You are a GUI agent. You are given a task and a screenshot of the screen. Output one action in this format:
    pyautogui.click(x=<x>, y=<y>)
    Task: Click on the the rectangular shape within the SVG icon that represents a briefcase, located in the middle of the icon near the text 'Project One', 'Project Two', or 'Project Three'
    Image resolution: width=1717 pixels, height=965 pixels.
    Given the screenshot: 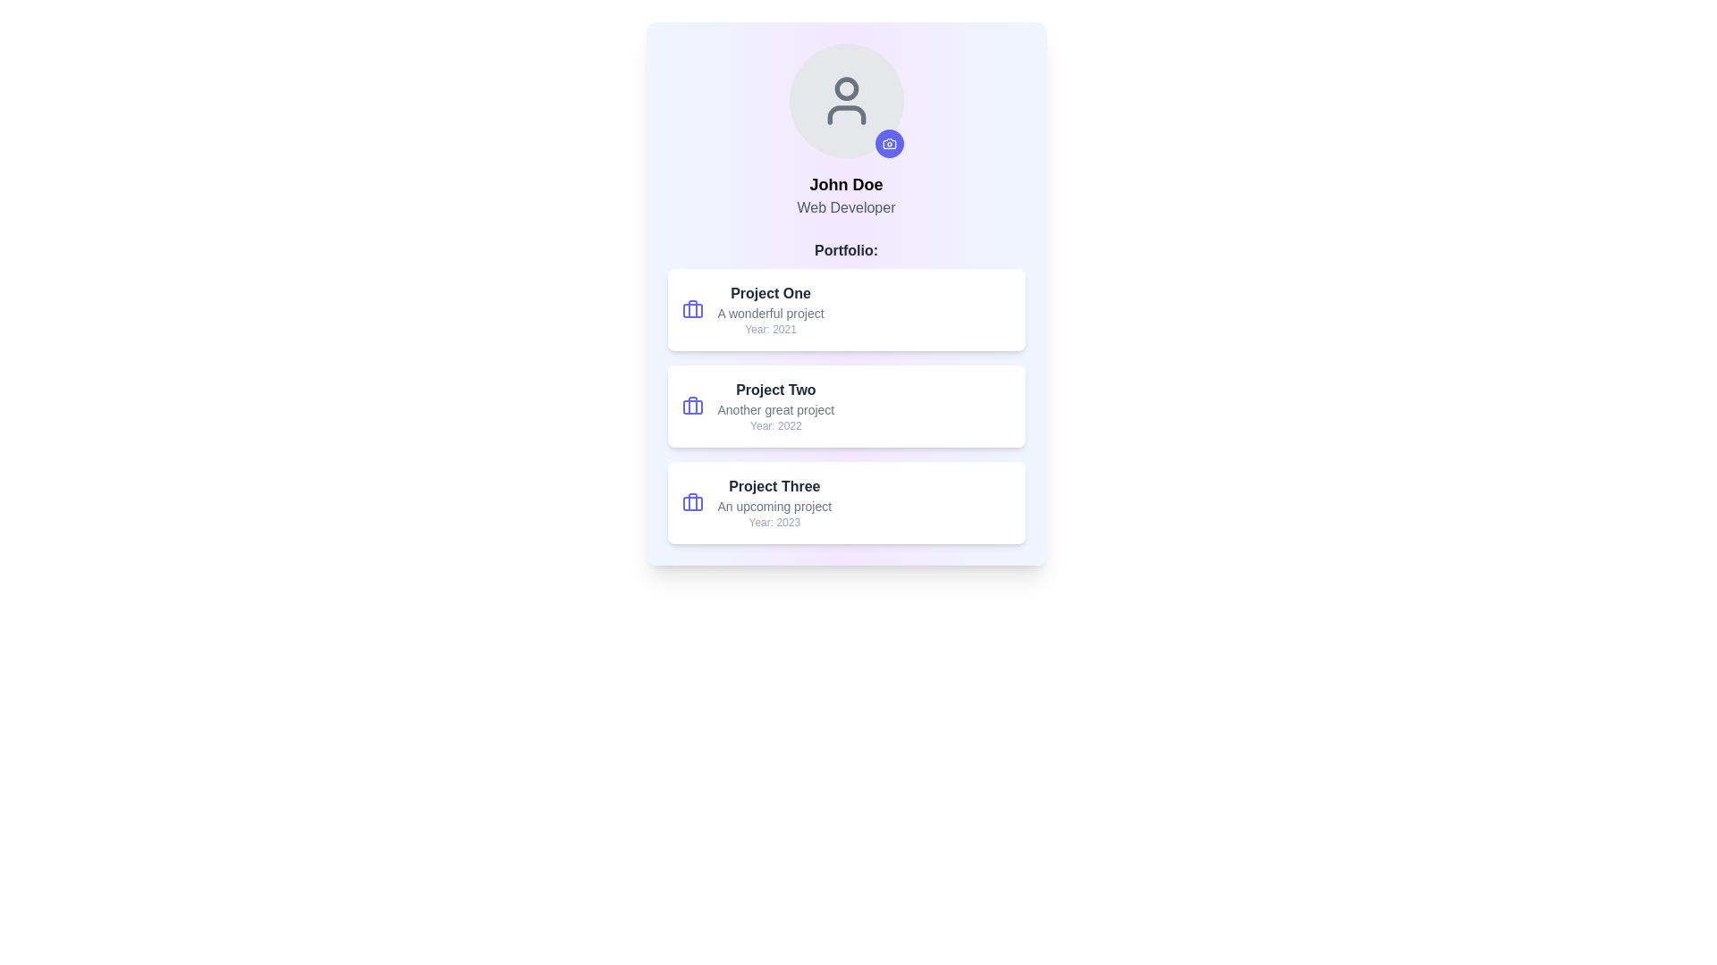 What is the action you would take?
    pyautogui.click(x=691, y=503)
    